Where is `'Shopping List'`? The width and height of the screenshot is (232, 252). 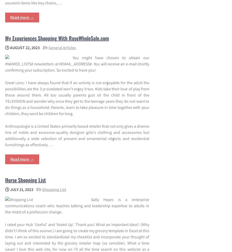
'Shopping List' is located at coordinates (42, 189).